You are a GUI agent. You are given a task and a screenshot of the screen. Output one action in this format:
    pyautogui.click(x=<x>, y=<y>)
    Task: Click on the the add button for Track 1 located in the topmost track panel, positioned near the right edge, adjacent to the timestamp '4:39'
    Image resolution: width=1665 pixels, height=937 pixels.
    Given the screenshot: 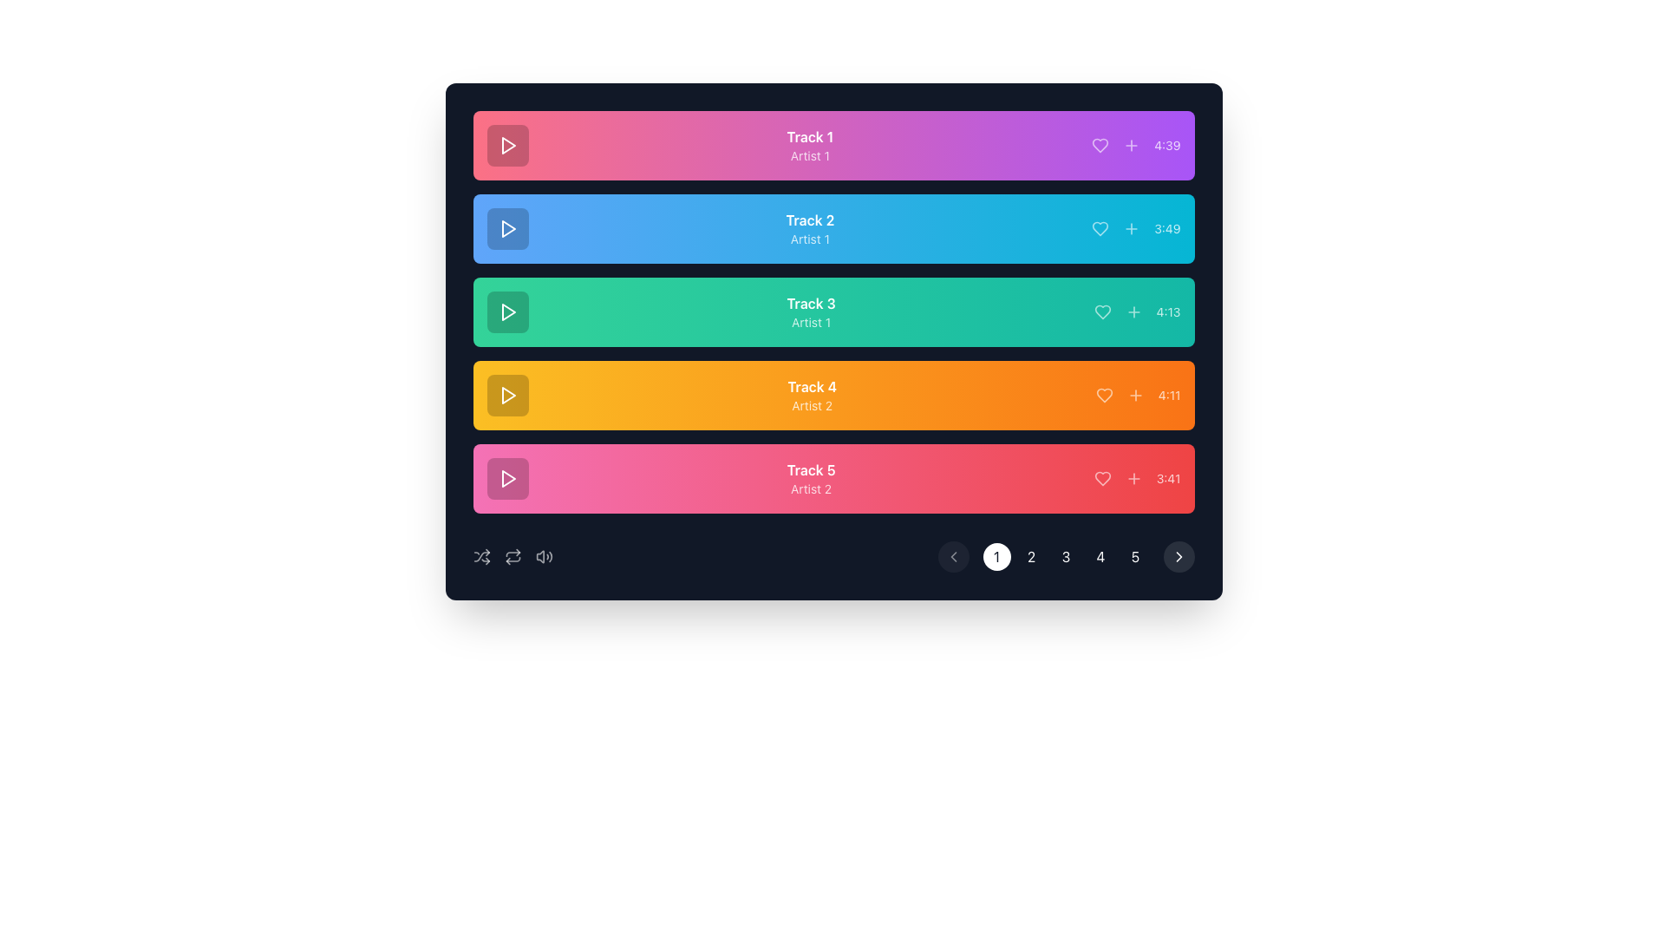 What is the action you would take?
    pyautogui.click(x=1132, y=145)
    